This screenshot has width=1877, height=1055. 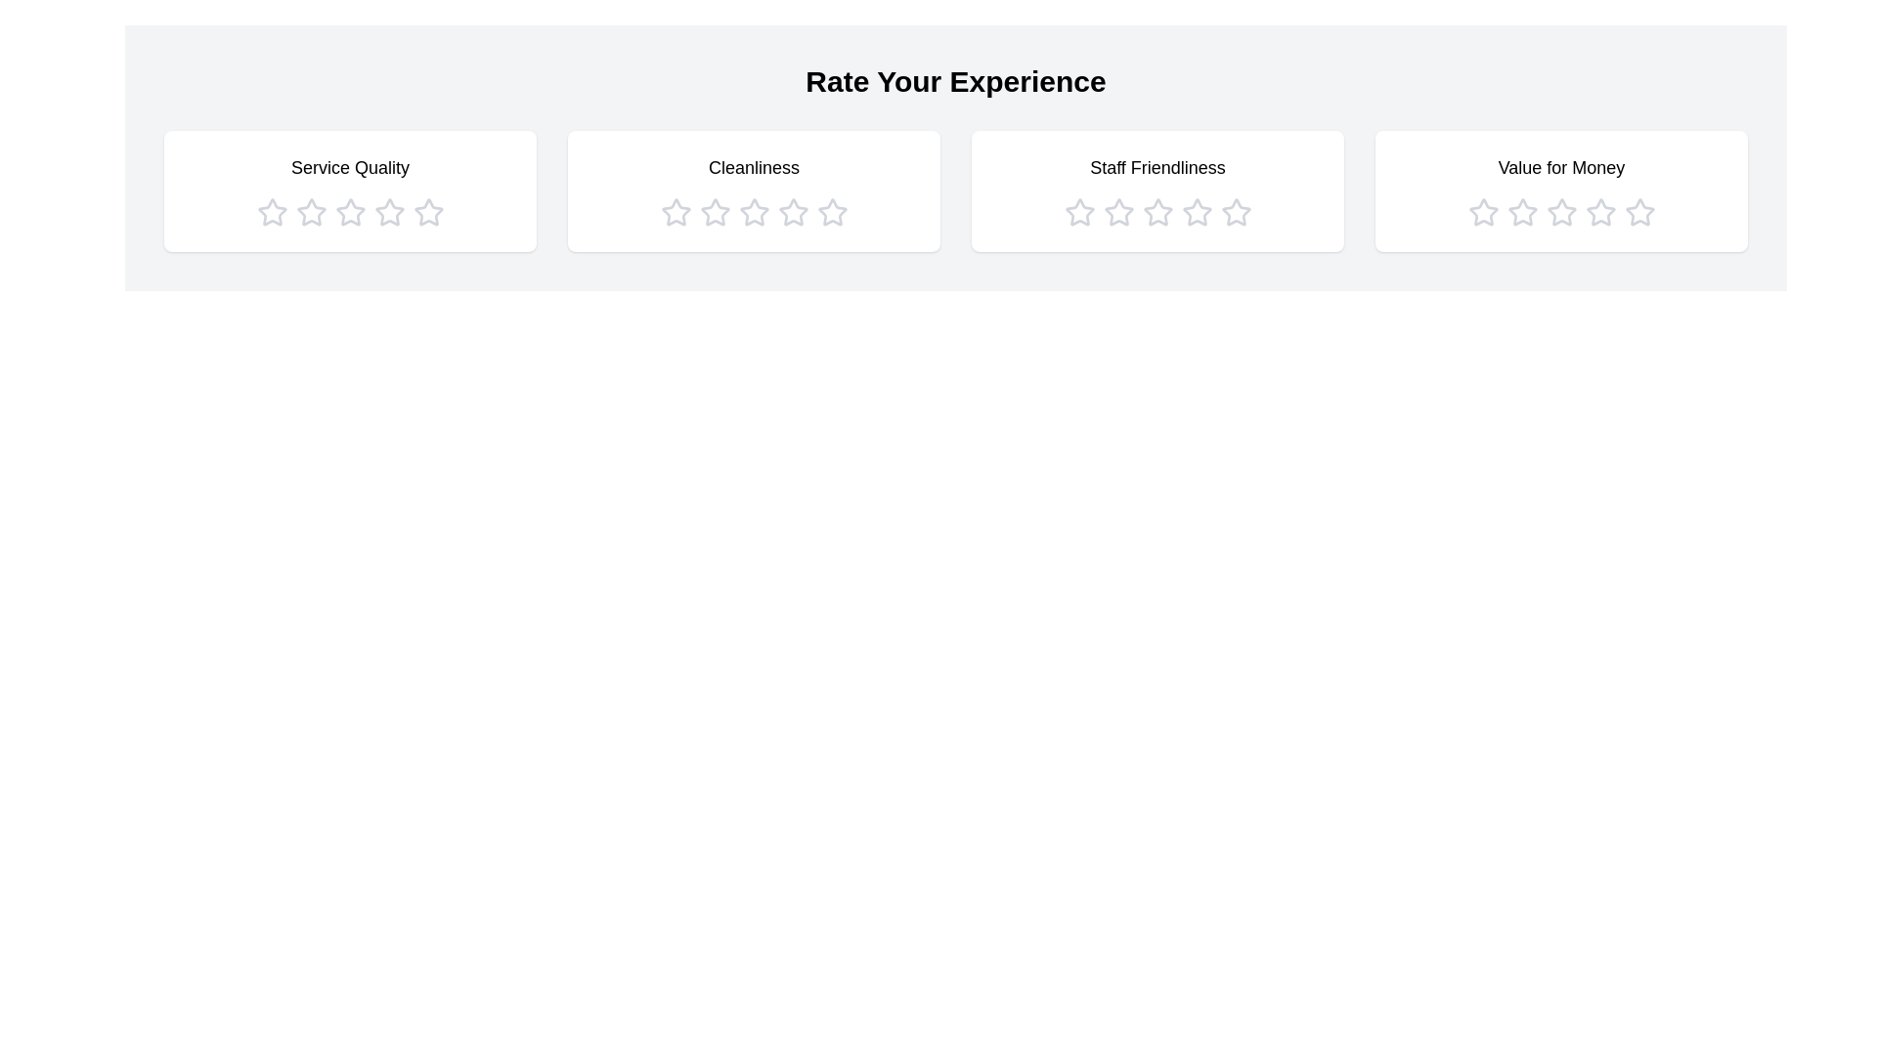 I want to click on the star icon corresponding to 4 stars in the category Cleanliness, so click(x=793, y=213).